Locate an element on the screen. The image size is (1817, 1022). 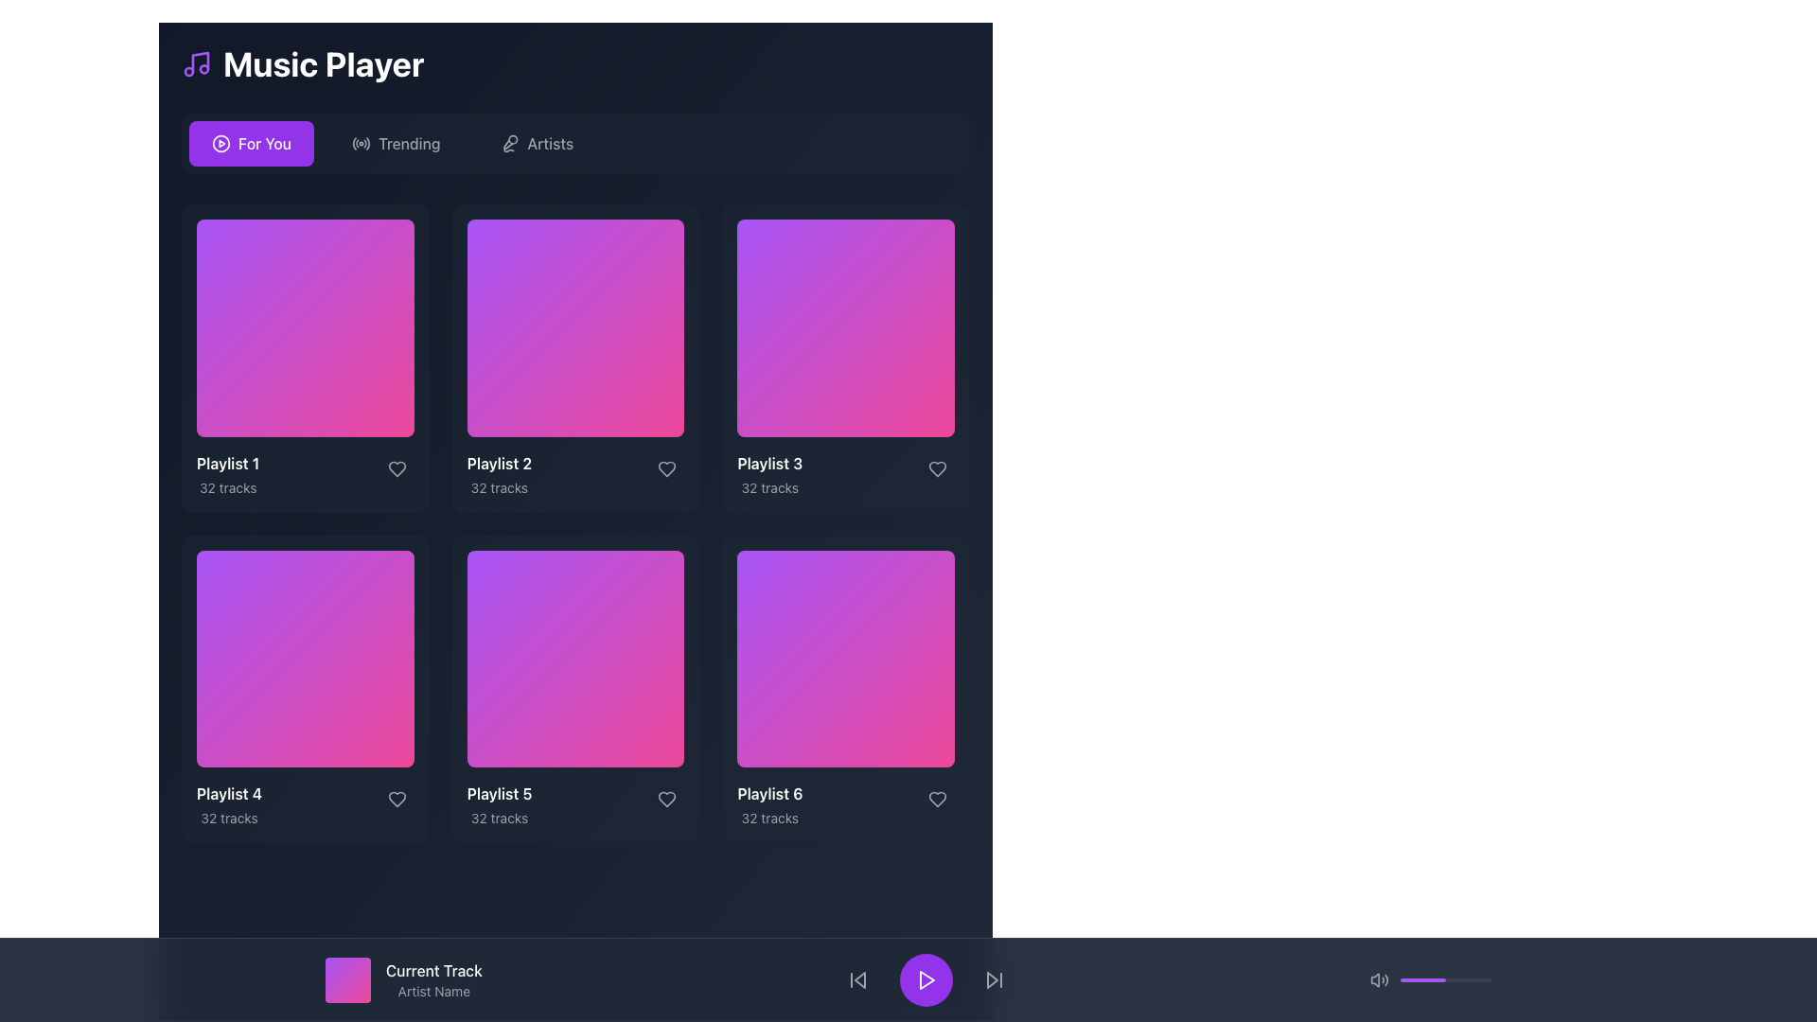
the heart-shaped icon button for 'Playlist 3' located in the upper-right corner of its cell is located at coordinates (937, 468).